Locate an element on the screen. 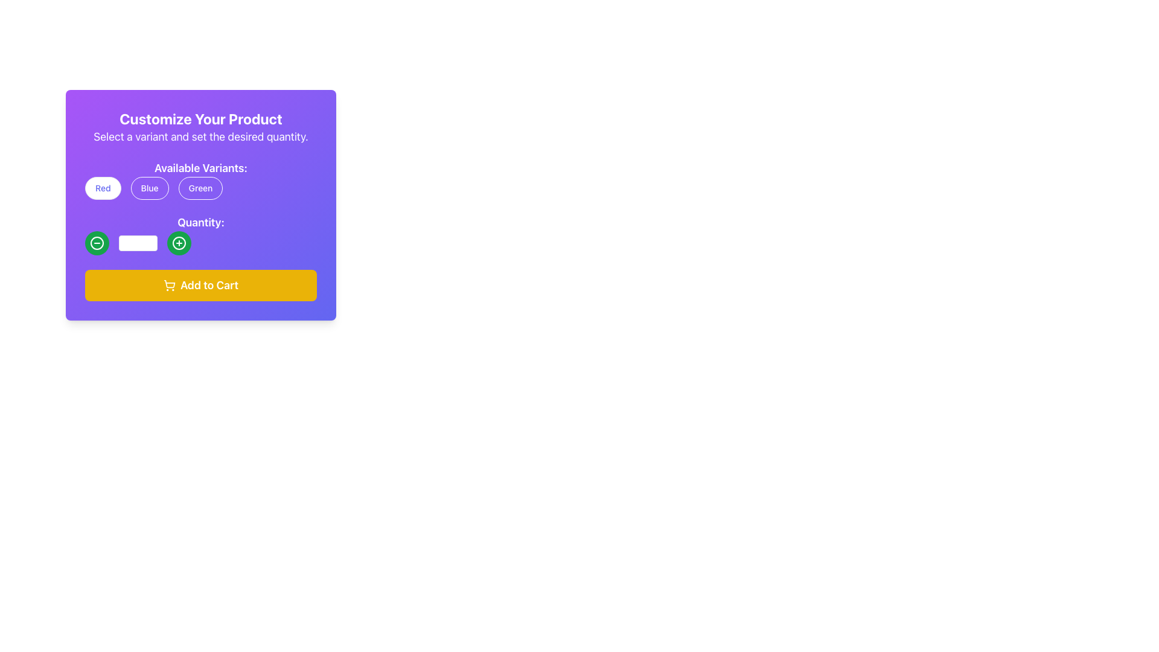 This screenshot has width=1159, height=652. the pill-shaped button labeled 'Green' with white text on a purple background is located at coordinates (200, 188).